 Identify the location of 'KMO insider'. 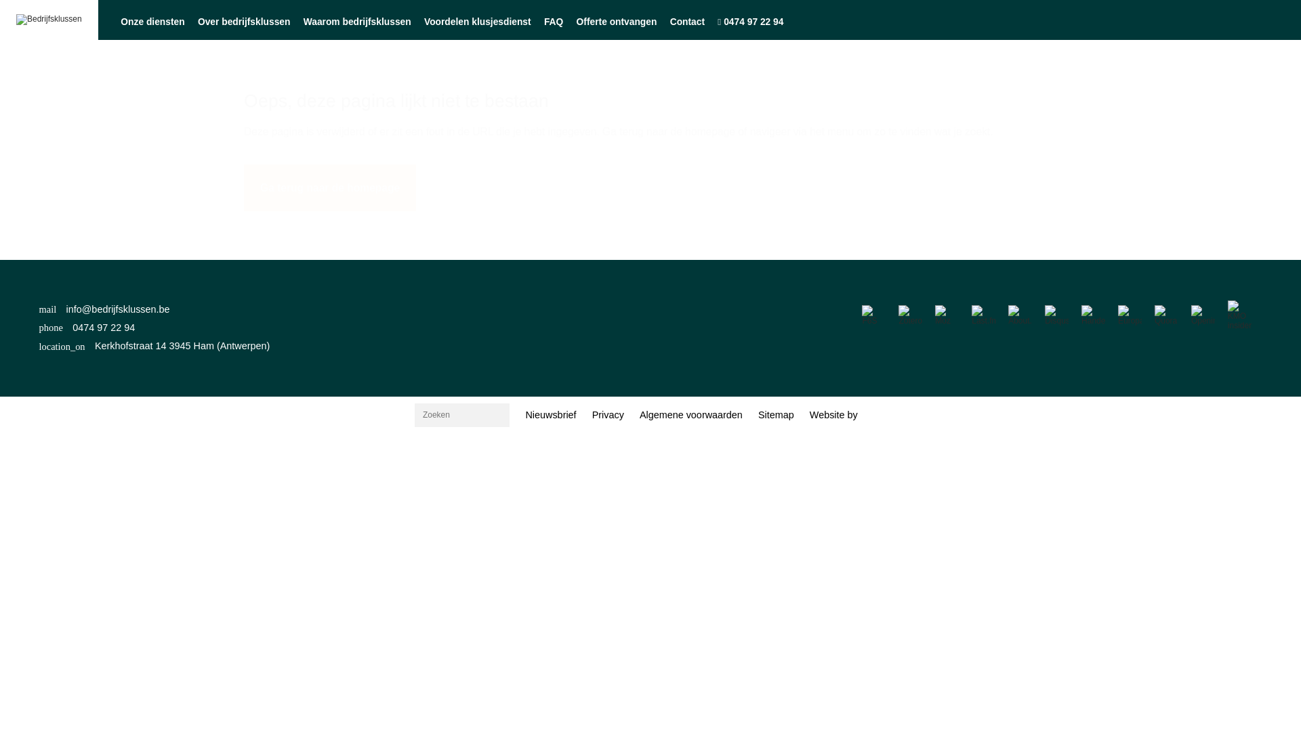
(1227, 315).